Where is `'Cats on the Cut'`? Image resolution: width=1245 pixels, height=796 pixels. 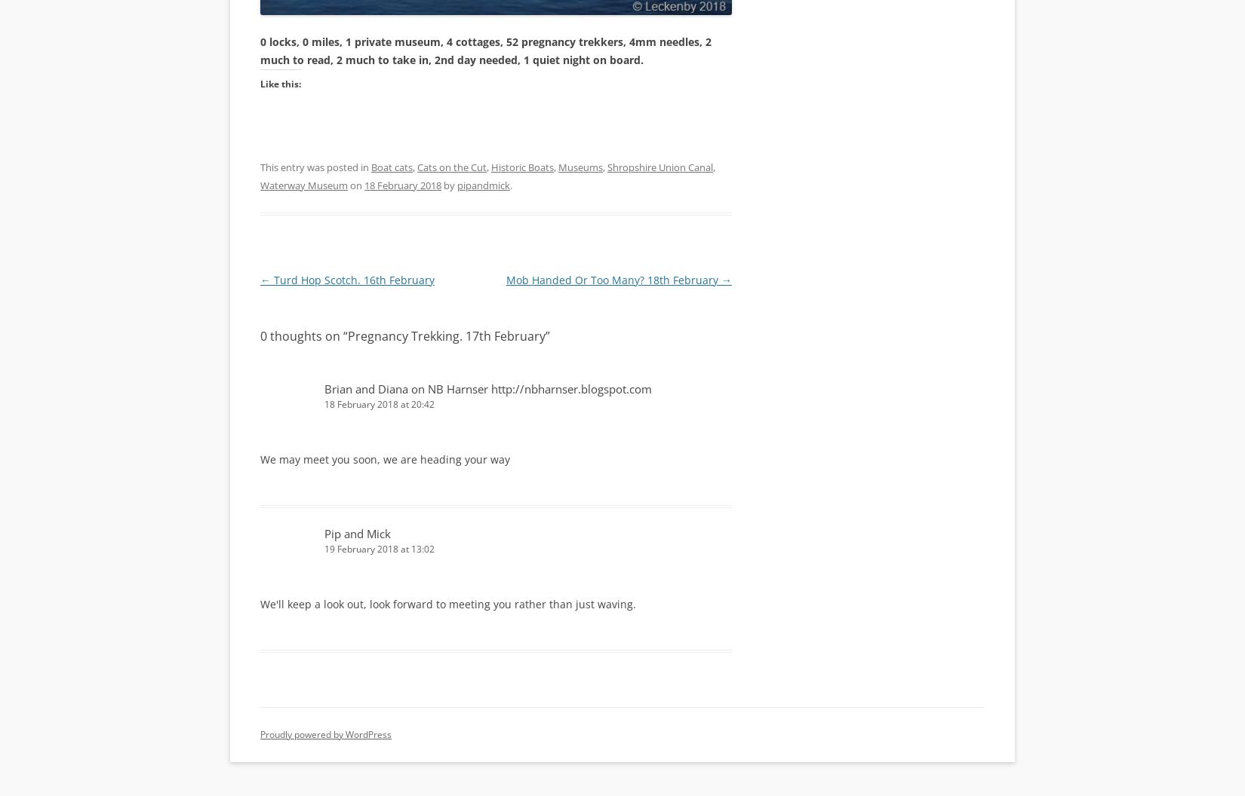
'Cats on the Cut' is located at coordinates (450, 166).